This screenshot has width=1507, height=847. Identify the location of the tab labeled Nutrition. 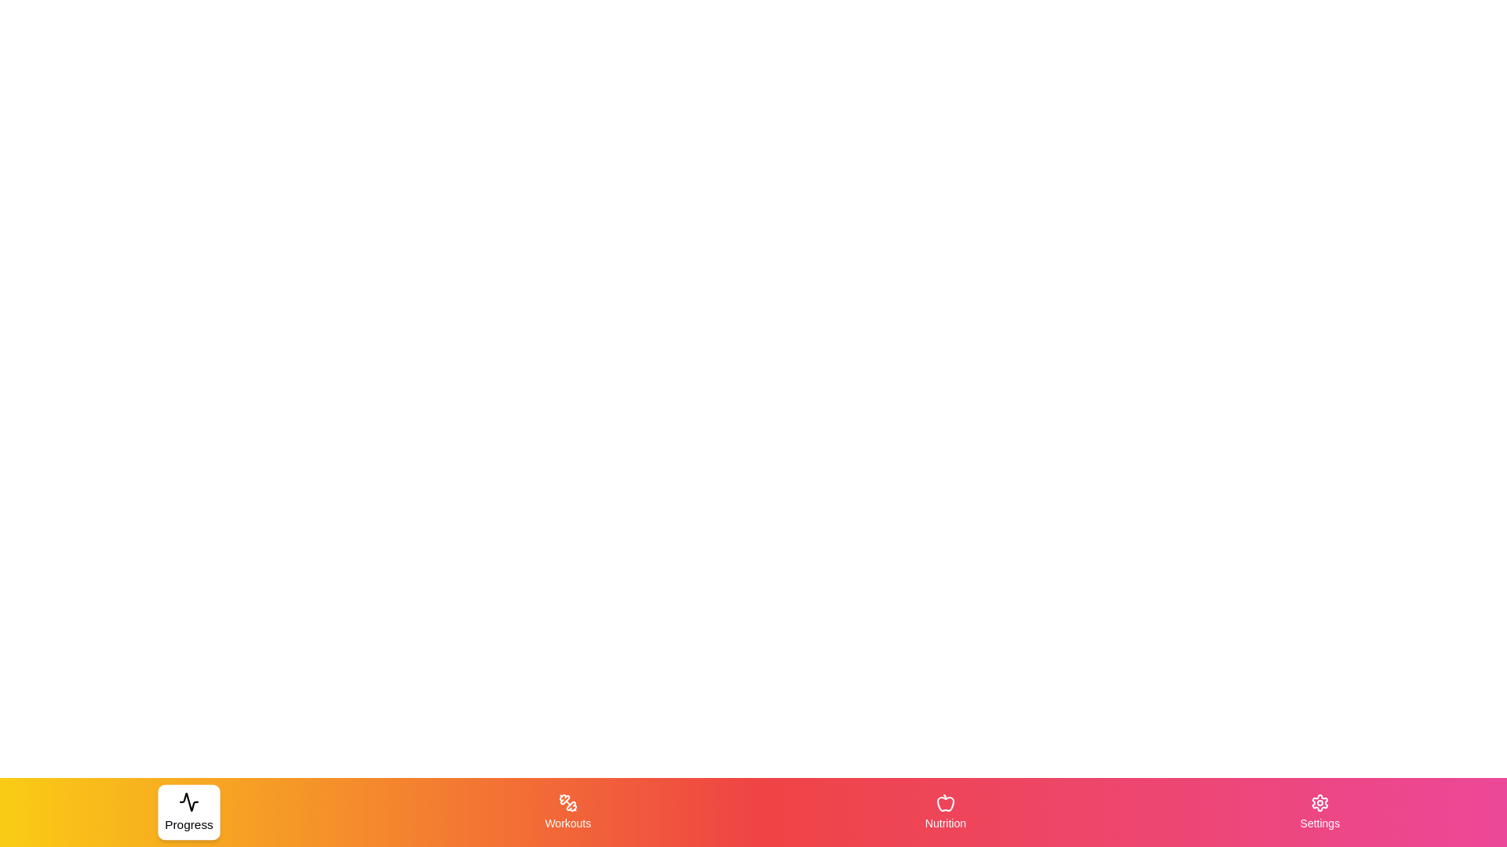
(944, 812).